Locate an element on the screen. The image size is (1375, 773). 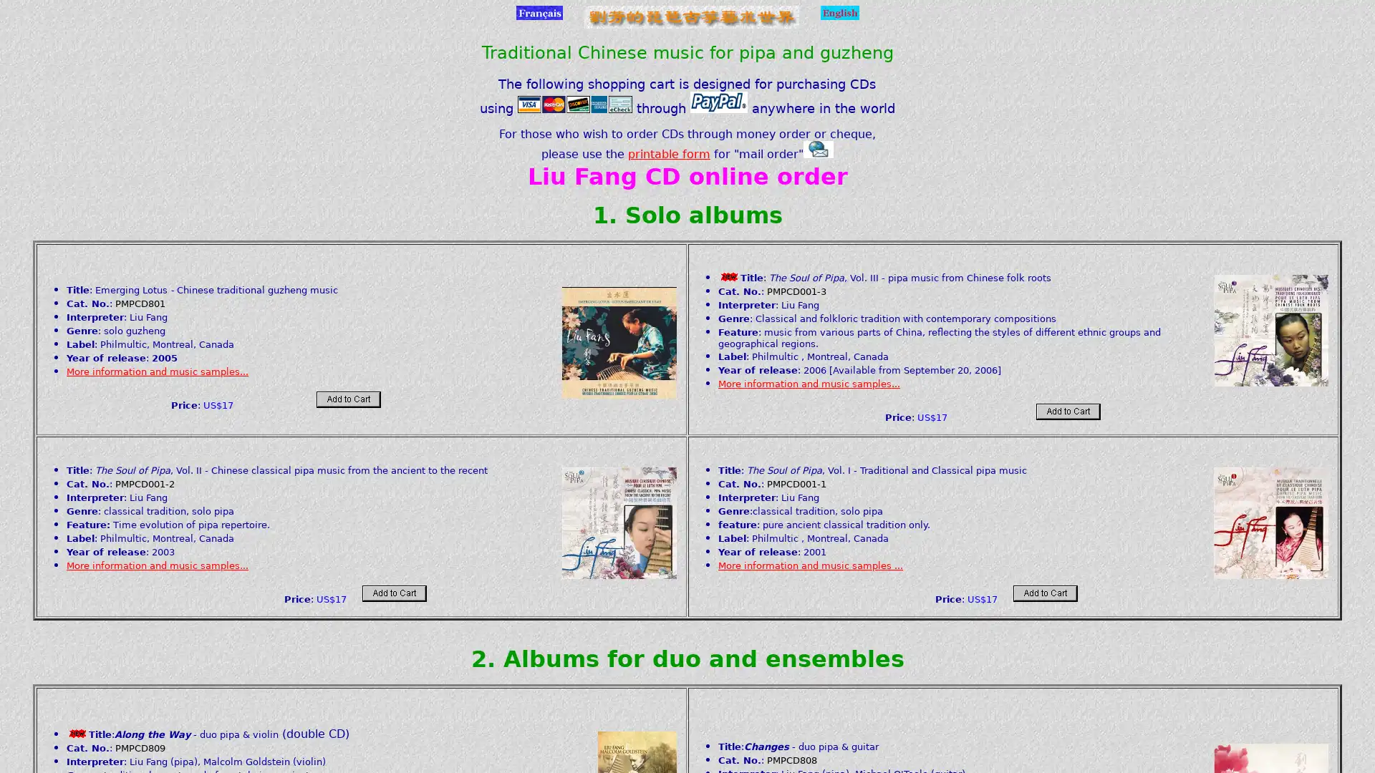
Add to card: Make payments with PayPal - it's fast, free and secure! is located at coordinates (1045, 593).